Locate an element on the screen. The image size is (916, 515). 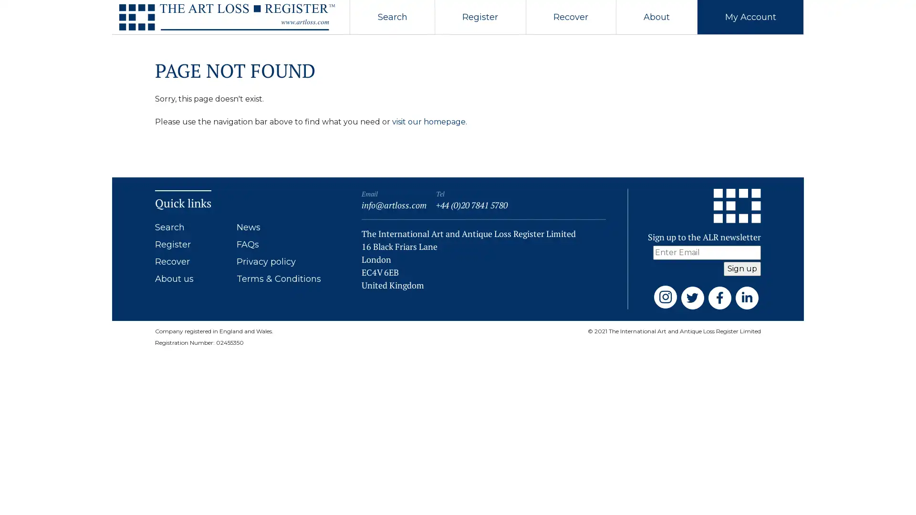
Sign up is located at coordinates (741, 268).